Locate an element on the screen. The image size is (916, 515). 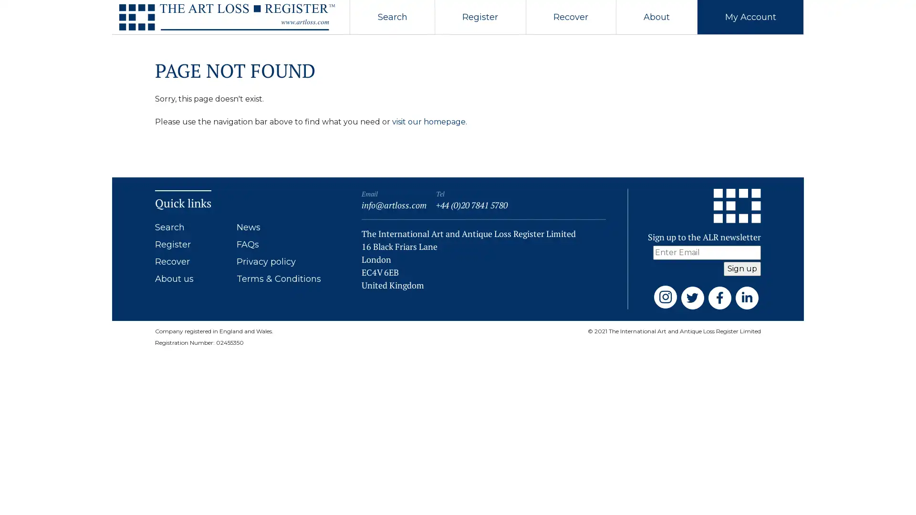
Sign up is located at coordinates (741, 268).